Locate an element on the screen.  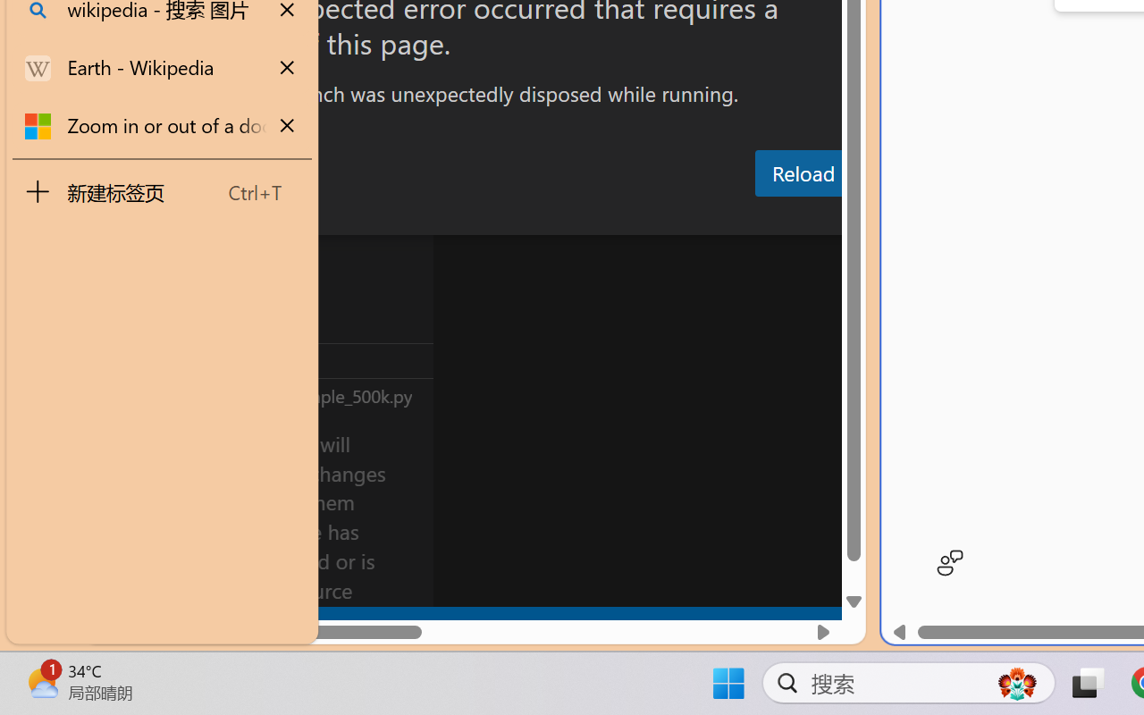
'Outline Section' is located at coordinates (296, 360).